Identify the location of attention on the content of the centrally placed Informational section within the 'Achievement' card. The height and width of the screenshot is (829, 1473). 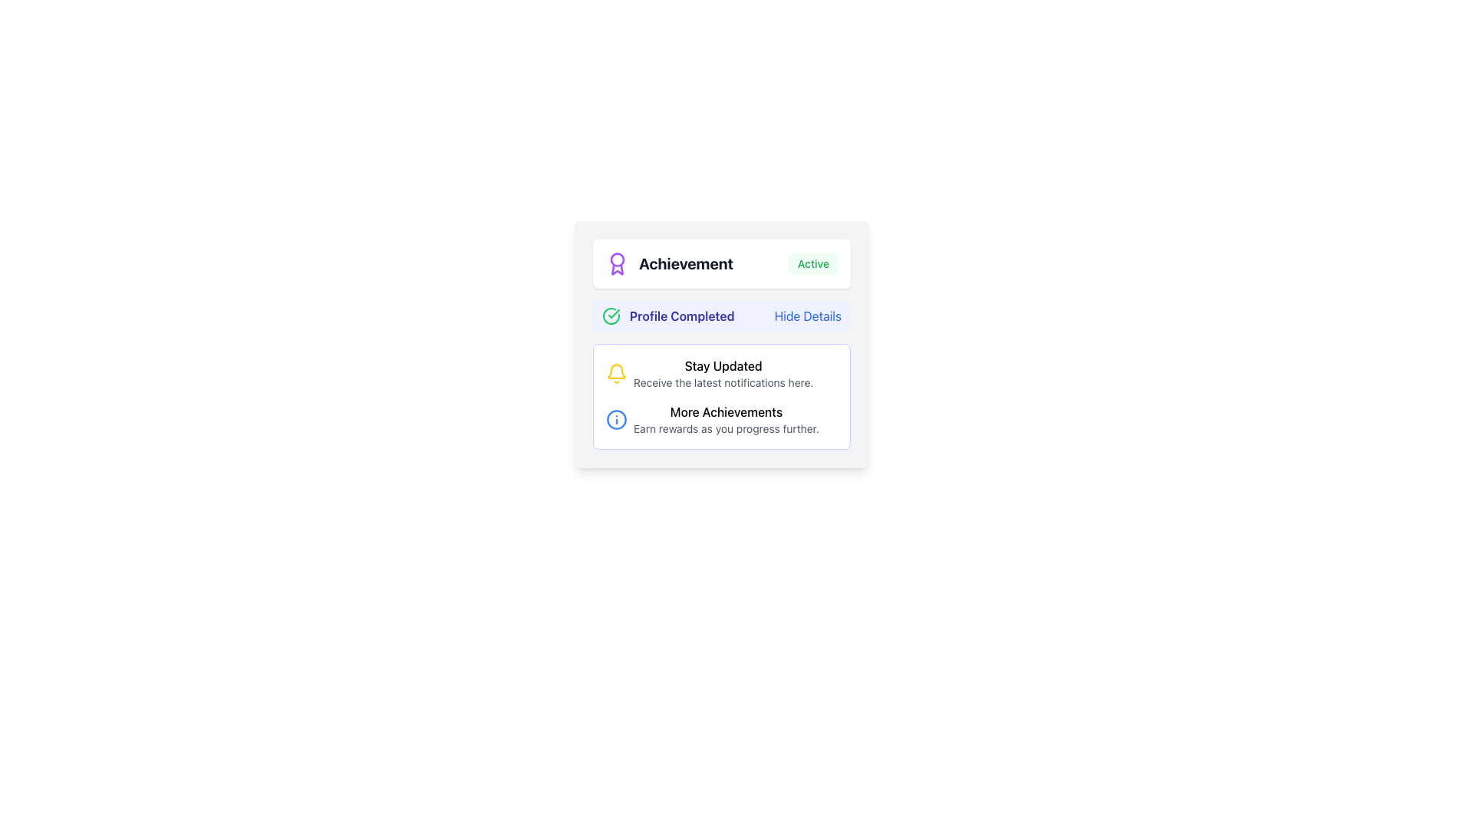
(720, 395).